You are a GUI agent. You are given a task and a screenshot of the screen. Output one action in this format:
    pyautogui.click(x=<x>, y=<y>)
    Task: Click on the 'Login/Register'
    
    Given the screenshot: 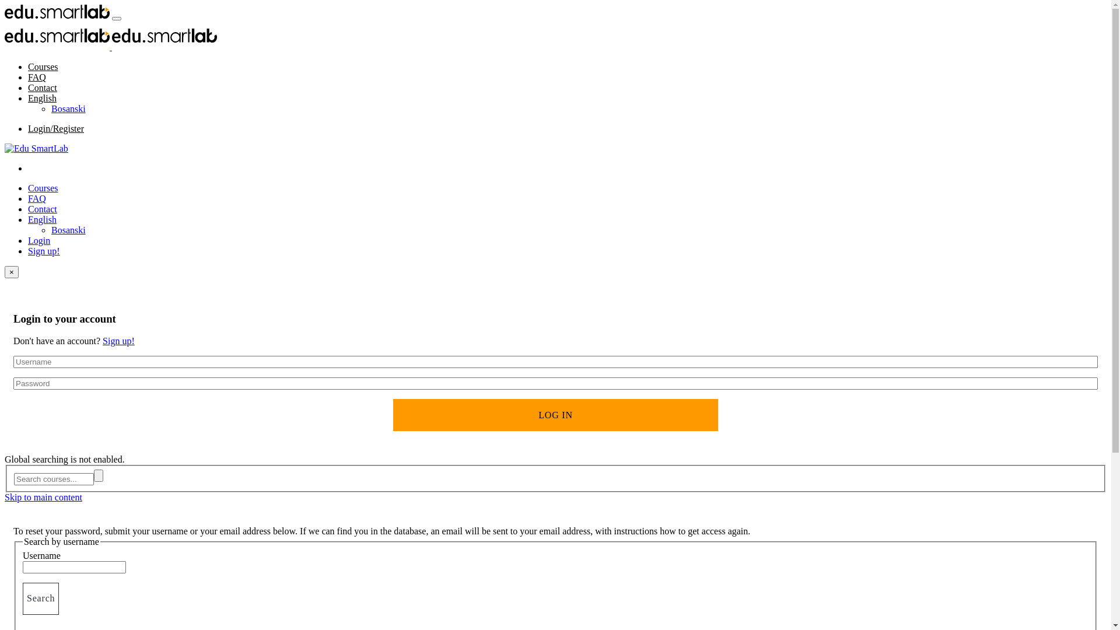 What is the action you would take?
    pyautogui.click(x=55, y=128)
    